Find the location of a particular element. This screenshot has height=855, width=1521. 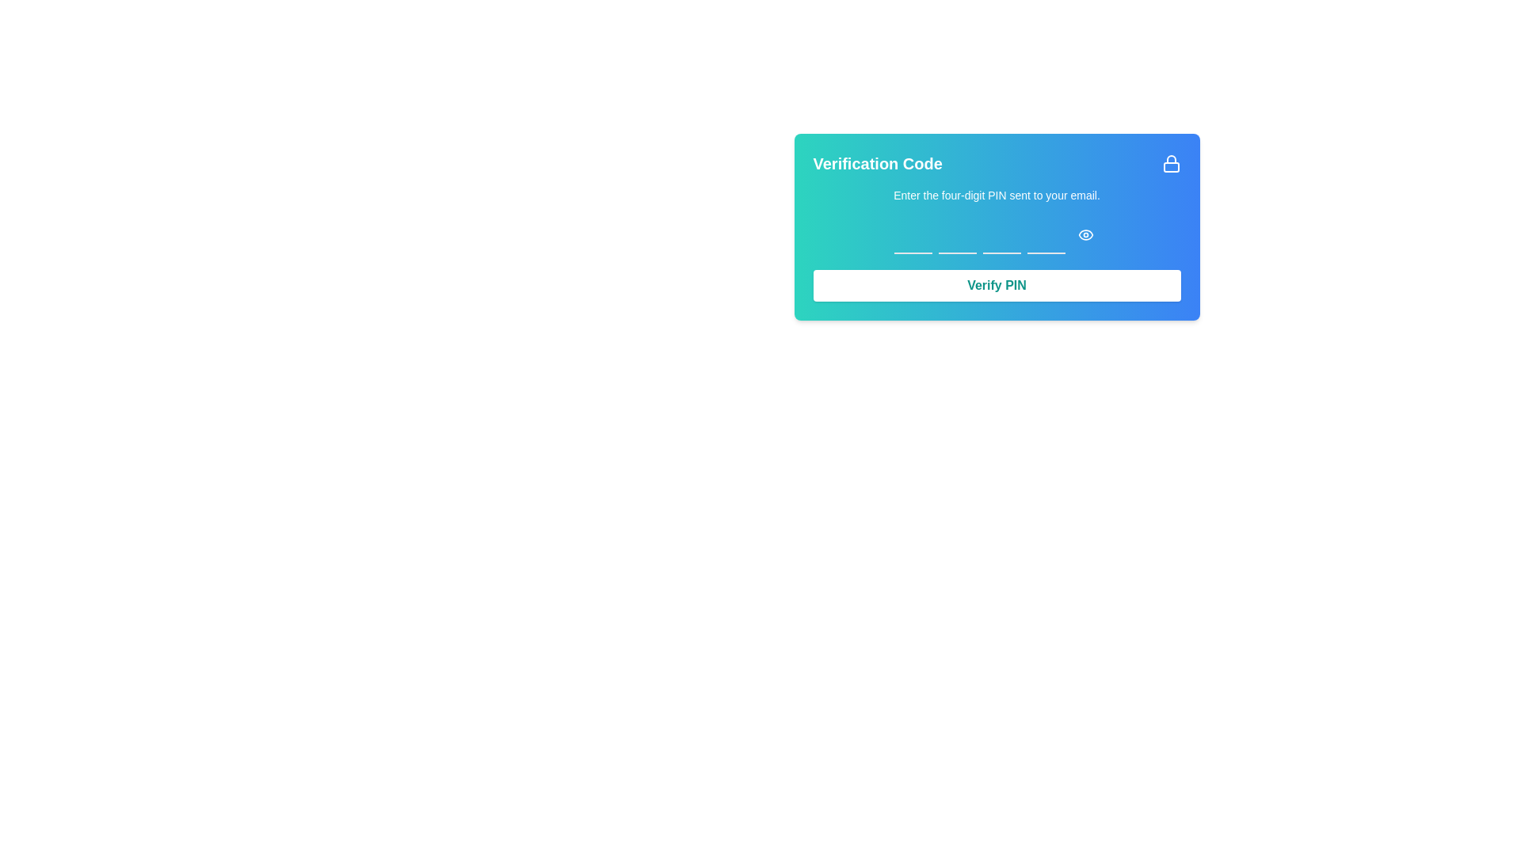

the visibility toggle button located to the right of the verification code input fields is located at coordinates (1085, 235).